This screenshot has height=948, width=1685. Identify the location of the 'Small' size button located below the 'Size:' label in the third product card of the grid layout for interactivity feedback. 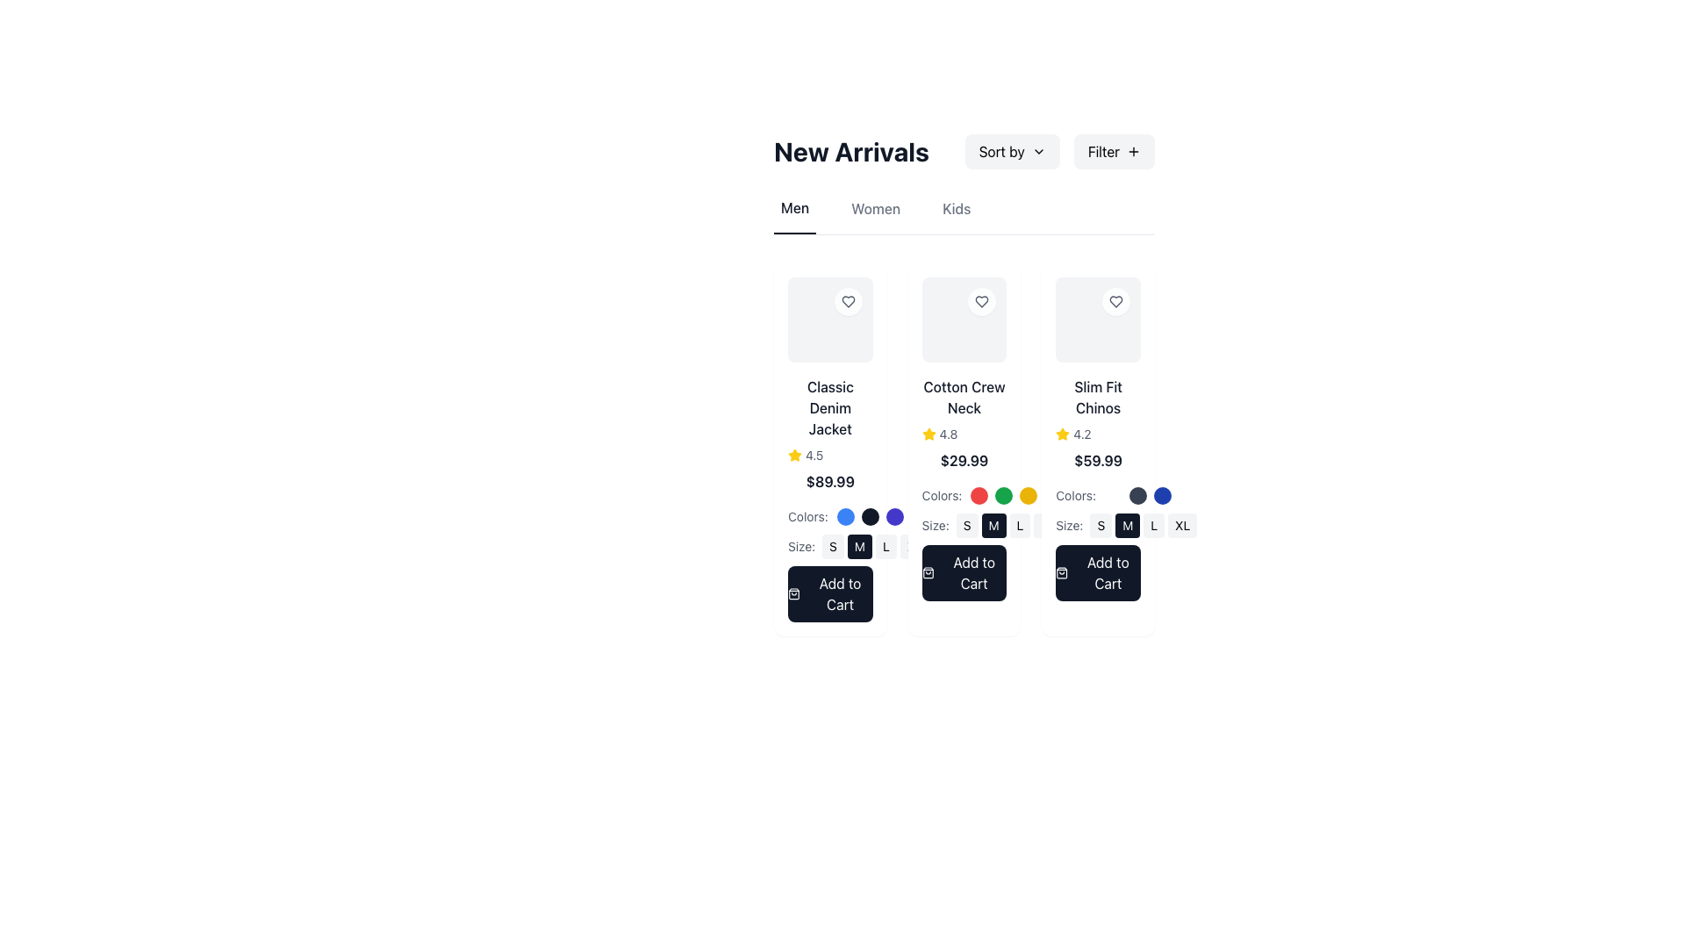
(1100, 524).